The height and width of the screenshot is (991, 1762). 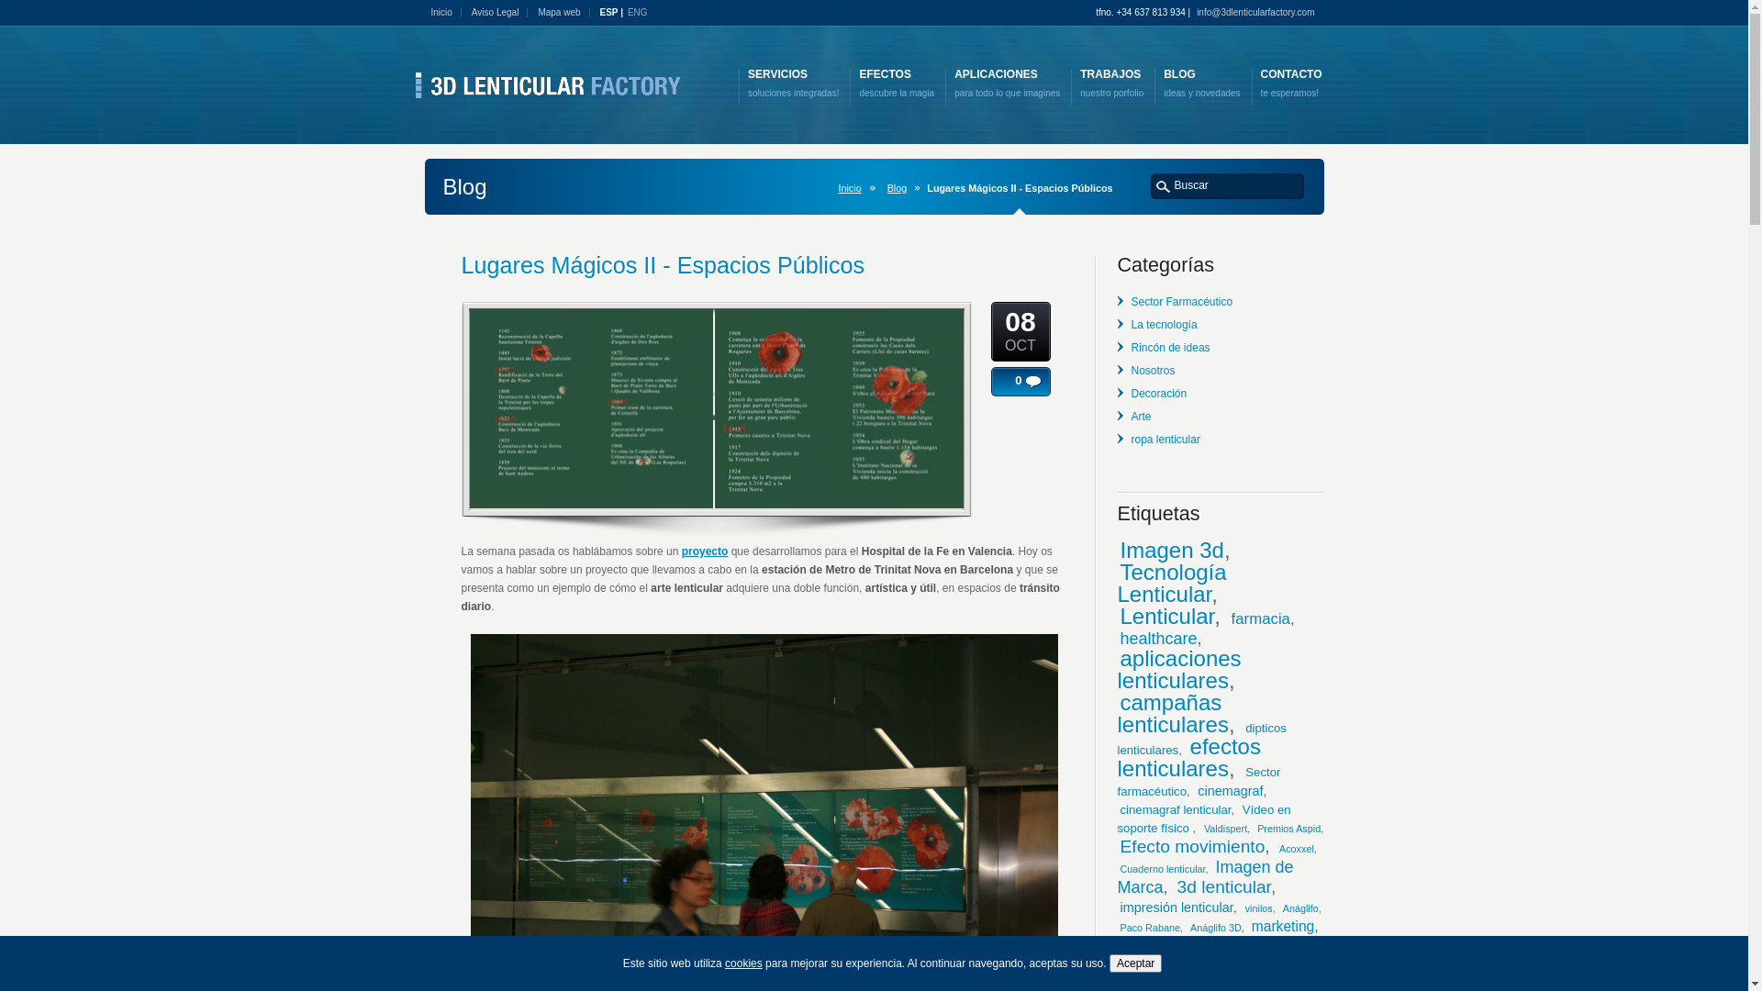 I want to click on 'cookies', so click(x=743, y=962).